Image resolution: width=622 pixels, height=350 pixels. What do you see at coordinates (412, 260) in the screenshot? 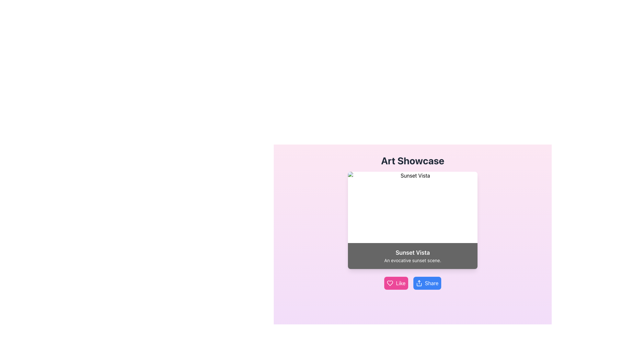
I see `text label displaying 'An evocative sunset scene.' which is centered within a dark gray section at the bottom of the card titled 'Sunset Vista'` at bounding box center [412, 260].